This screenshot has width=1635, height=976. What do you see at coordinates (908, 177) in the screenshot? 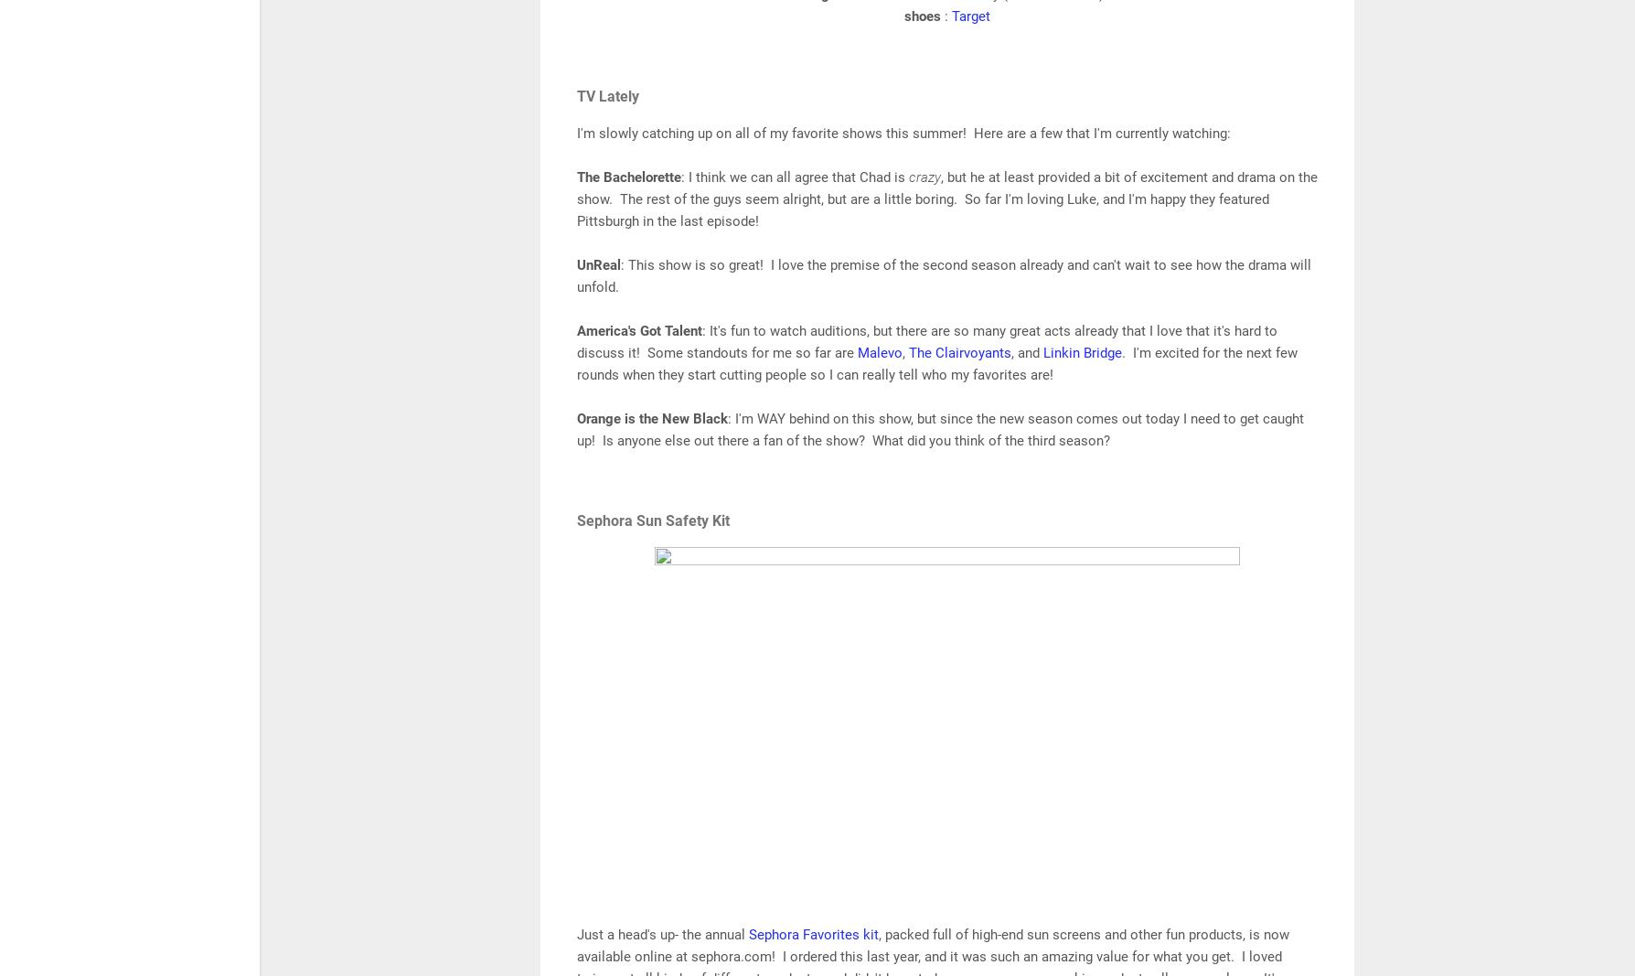
I see `'crazy'` at bounding box center [908, 177].